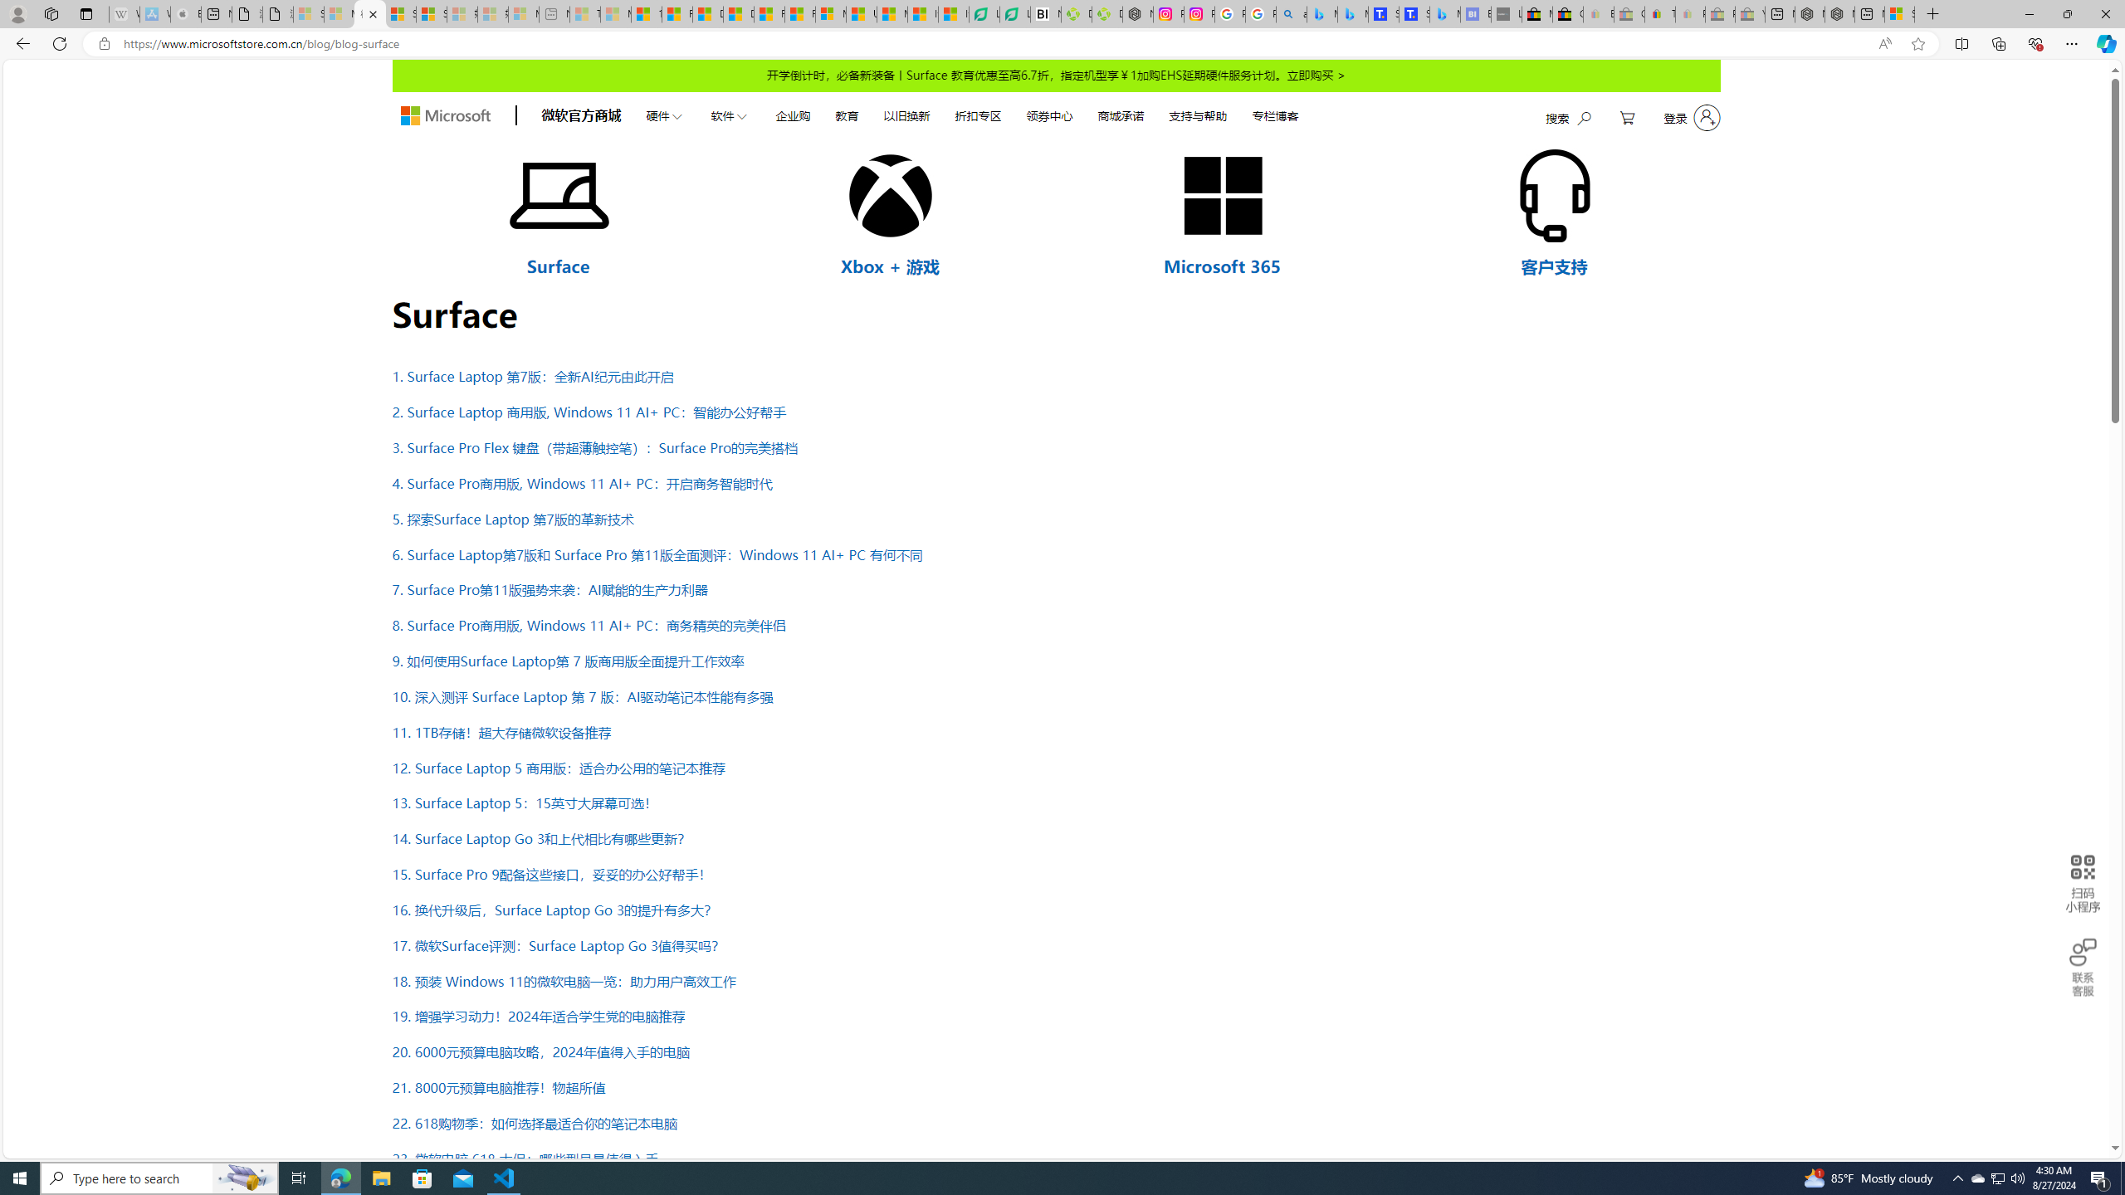 The image size is (2125, 1195). What do you see at coordinates (1290, 13) in the screenshot?
I see `'alabama high school quarterback dies - Search'` at bounding box center [1290, 13].